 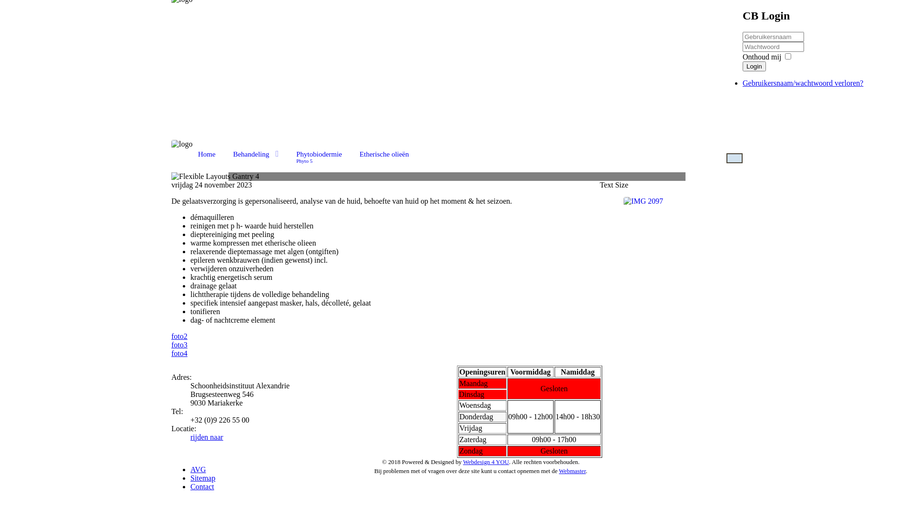 What do you see at coordinates (289, 155) in the screenshot?
I see `'Phytobiodermie` at bounding box center [289, 155].